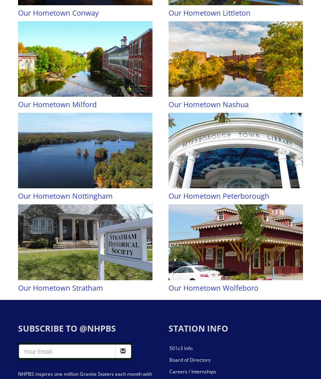 Image resolution: width=321 pixels, height=379 pixels. Describe the element at coordinates (57, 104) in the screenshot. I see `'Our Hometown Milford'` at that location.